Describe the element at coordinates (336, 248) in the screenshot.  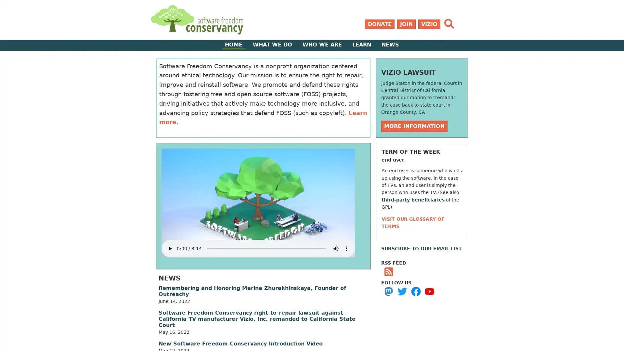
I see `mute` at that location.